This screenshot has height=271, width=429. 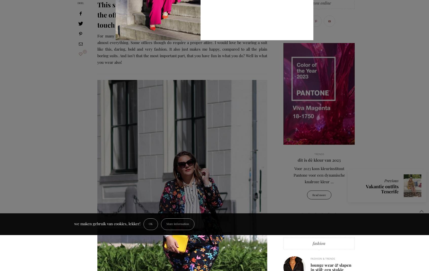 I want to click on 'ZWANGERSCHAP', so click(x=395, y=159).